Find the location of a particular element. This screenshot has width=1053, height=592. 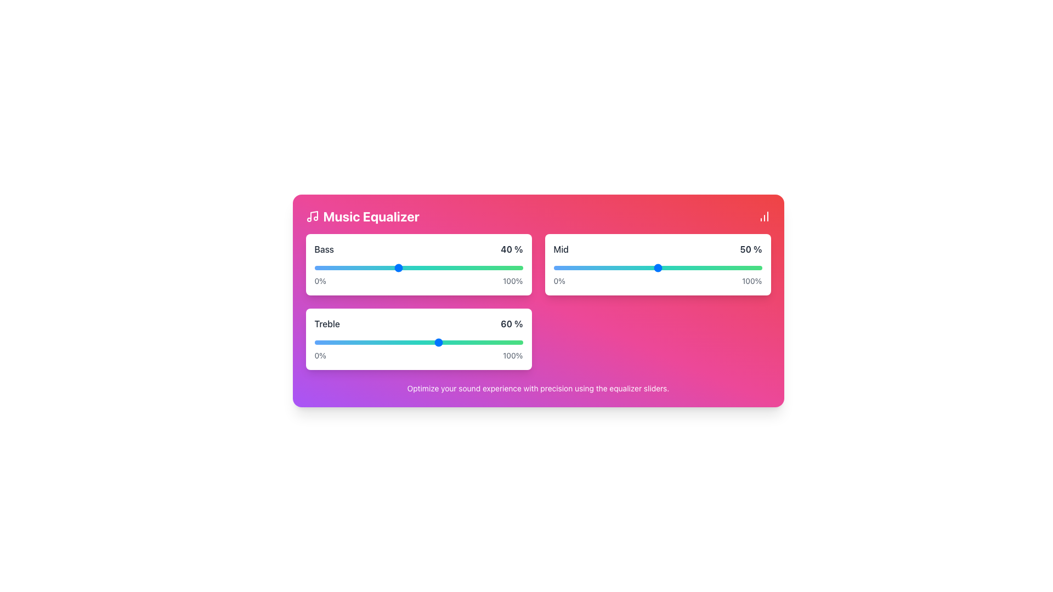

the 'Bass' level Input Range Slider, which is located within the panel titled 'Bass 40 %' is located at coordinates (418, 268).